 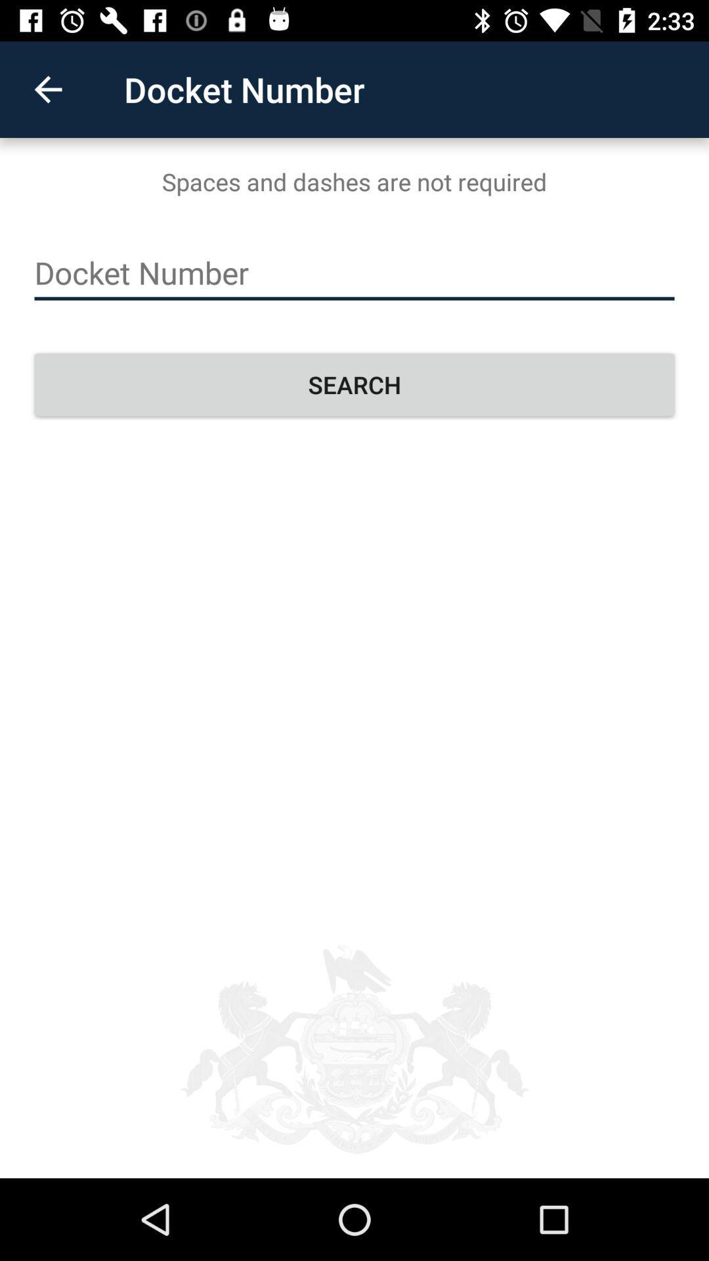 I want to click on item below spaces and dashes, so click(x=354, y=273).